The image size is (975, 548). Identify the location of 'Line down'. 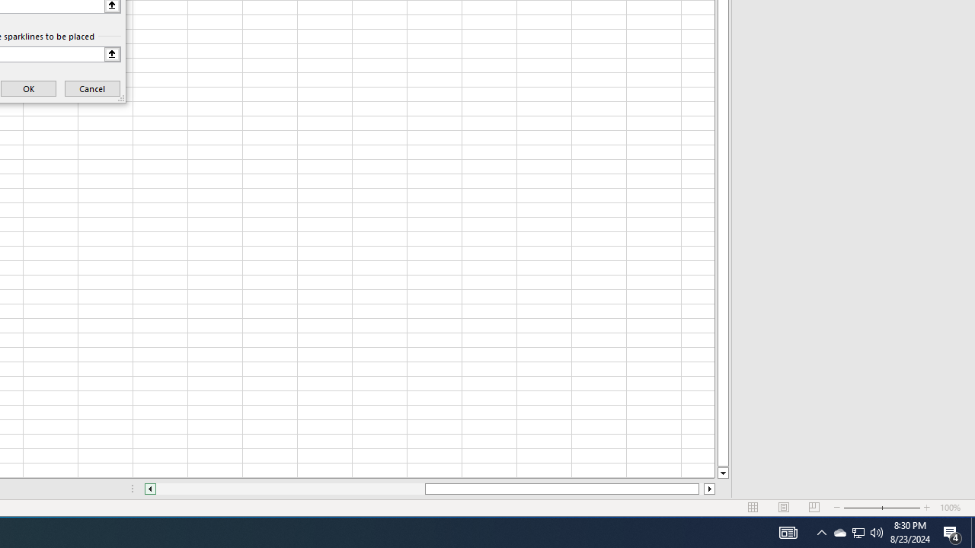
(722, 473).